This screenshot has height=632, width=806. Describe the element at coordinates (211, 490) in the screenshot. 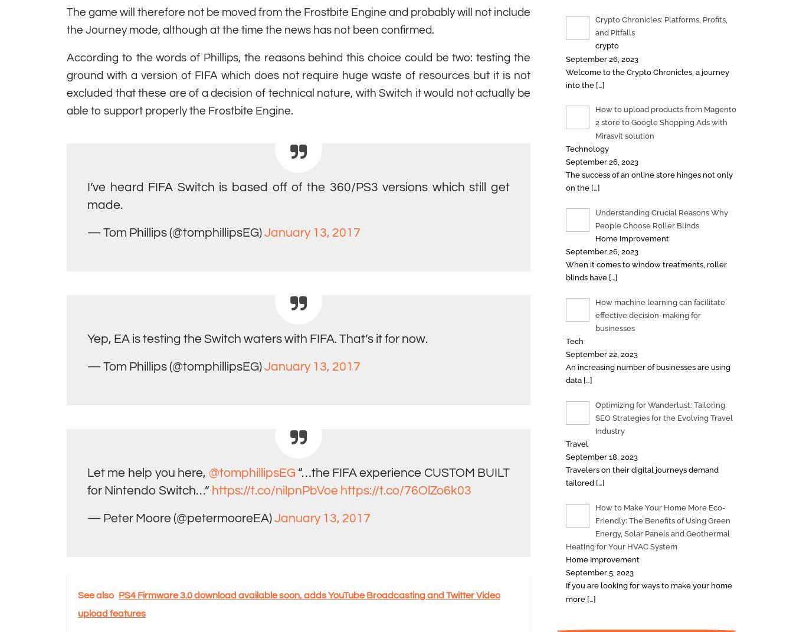

I see `'https://t.co/nilpnPbVoe'` at that location.